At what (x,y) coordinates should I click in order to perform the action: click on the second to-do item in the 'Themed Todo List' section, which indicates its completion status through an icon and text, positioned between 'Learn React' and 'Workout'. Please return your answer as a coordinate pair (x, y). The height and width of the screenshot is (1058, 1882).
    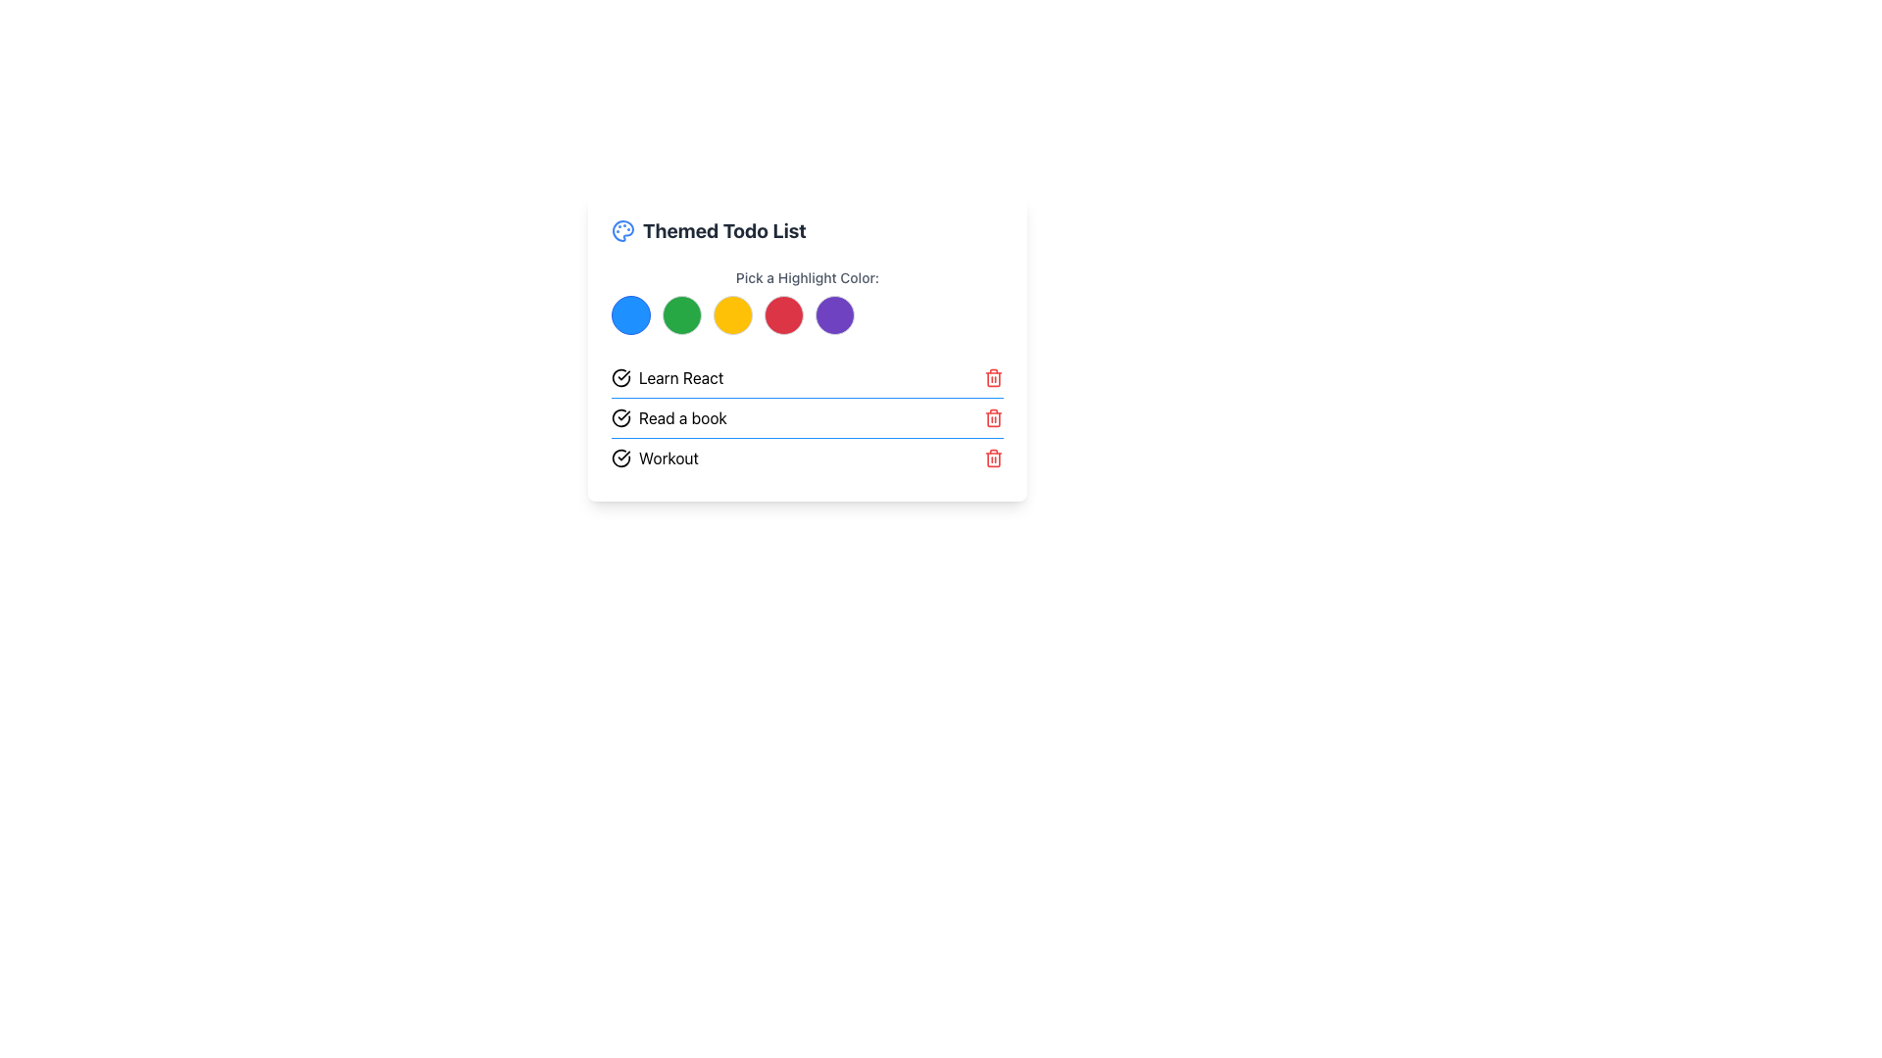
    Looking at the image, I should click on (669, 417).